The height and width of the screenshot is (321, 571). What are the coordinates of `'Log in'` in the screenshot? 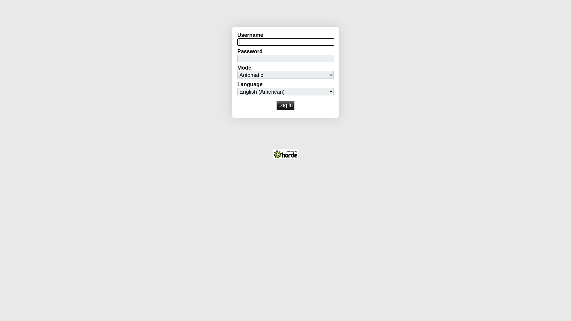 It's located at (285, 105).